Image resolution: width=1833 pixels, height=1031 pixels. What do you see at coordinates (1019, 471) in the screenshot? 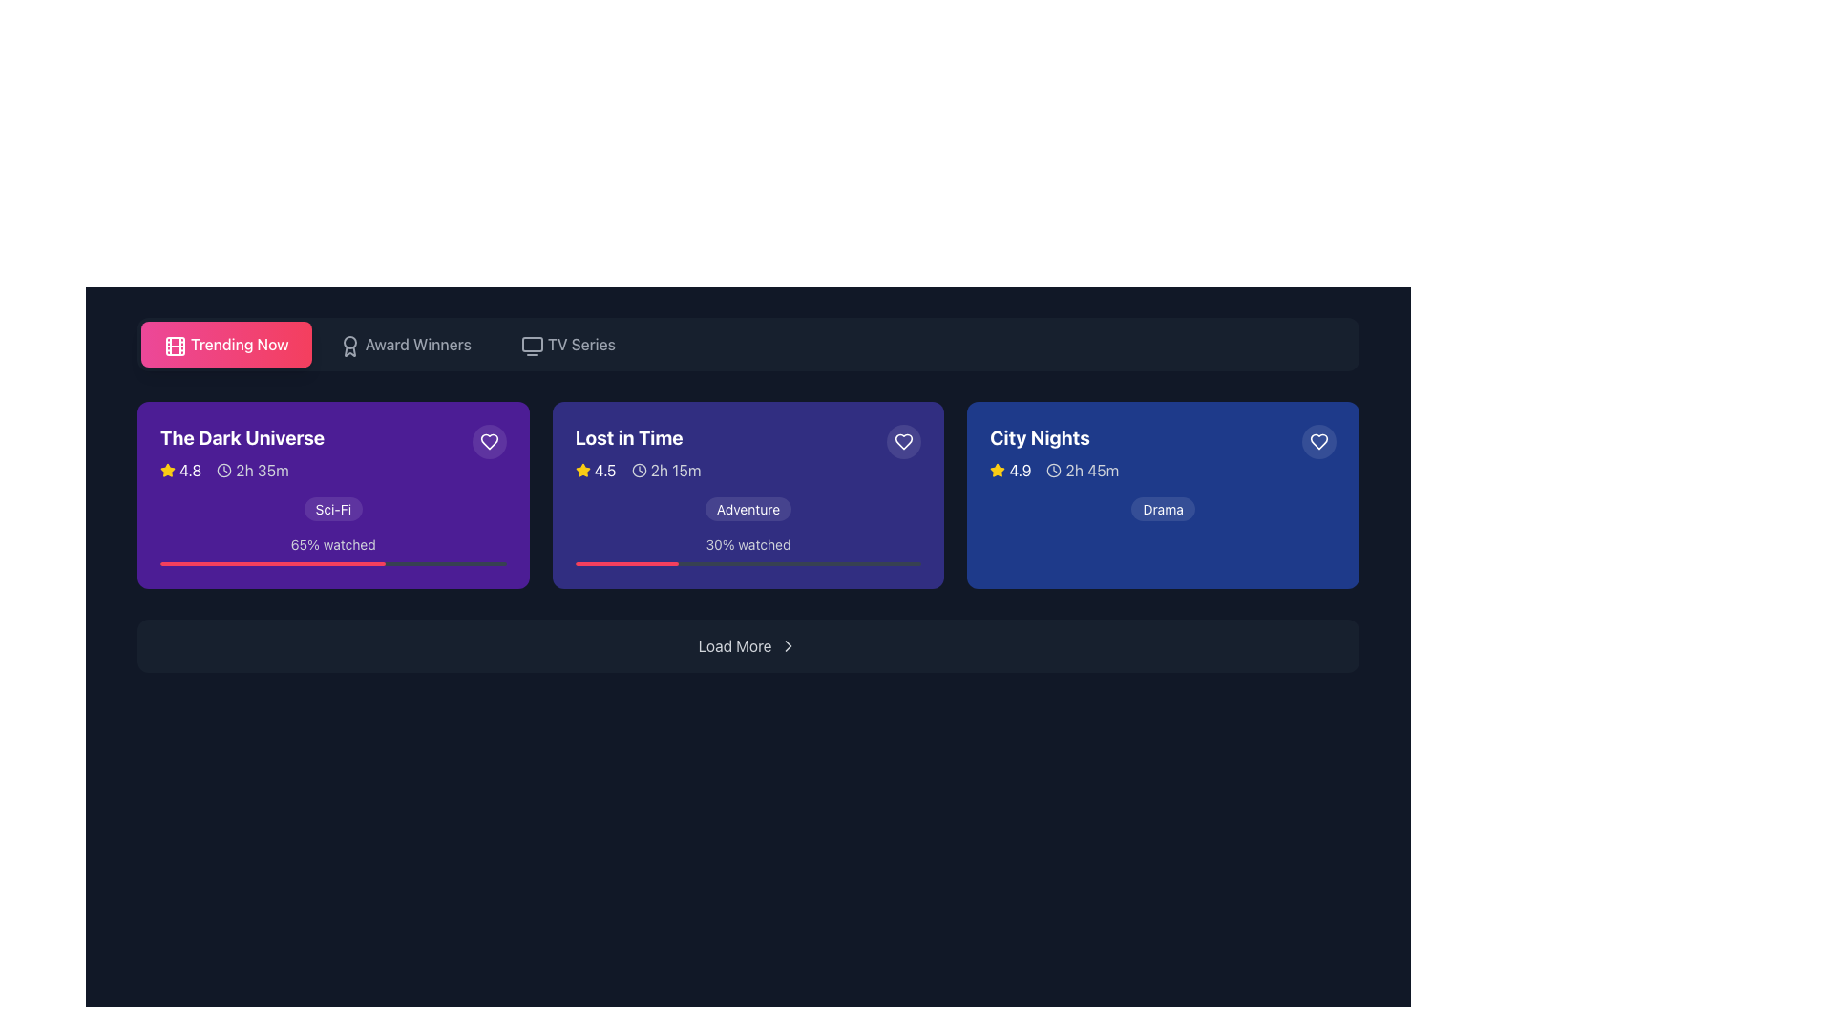
I see `the numeric rating text label '4.9' displayed in white on a blue background, located within the 'City Nights' movie card, to the right of a yellow star icon and above the duration text` at bounding box center [1019, 471].